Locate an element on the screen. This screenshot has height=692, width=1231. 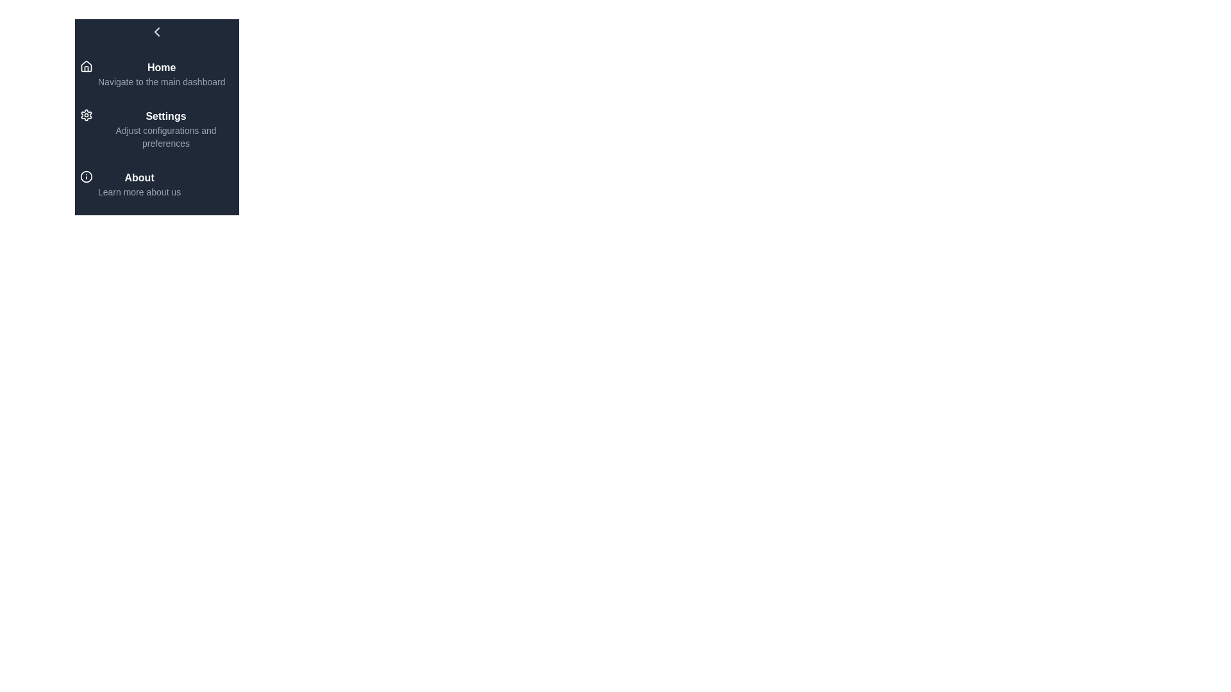
the menu item Settings to highlight it is located at coordinates (156, 129).